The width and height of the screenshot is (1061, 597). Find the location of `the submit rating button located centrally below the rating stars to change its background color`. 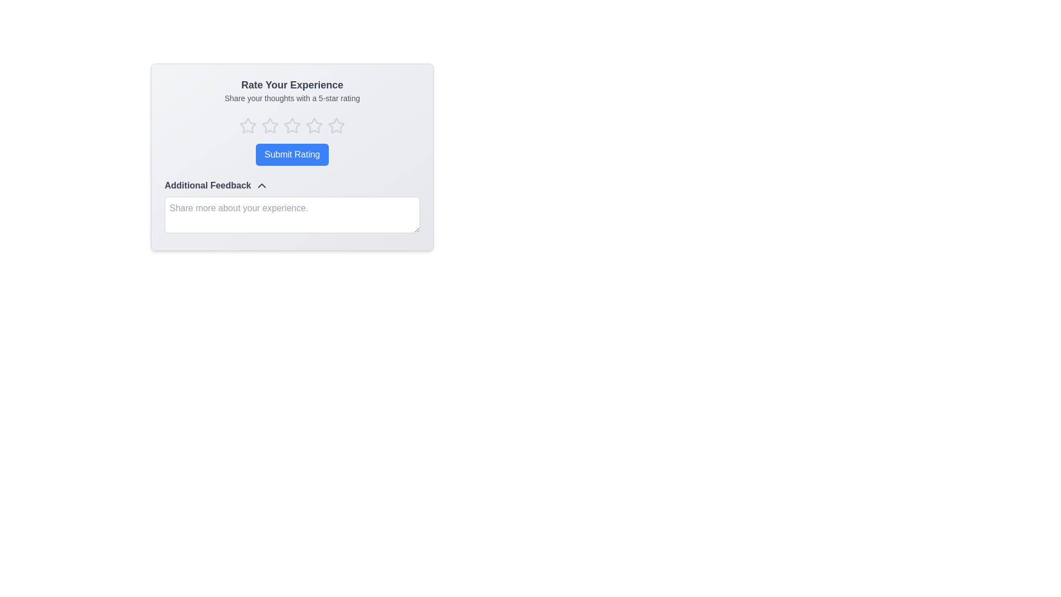

the submit rating button located centrally below the rating stars to change its background color is located at coordinates (292, 155).